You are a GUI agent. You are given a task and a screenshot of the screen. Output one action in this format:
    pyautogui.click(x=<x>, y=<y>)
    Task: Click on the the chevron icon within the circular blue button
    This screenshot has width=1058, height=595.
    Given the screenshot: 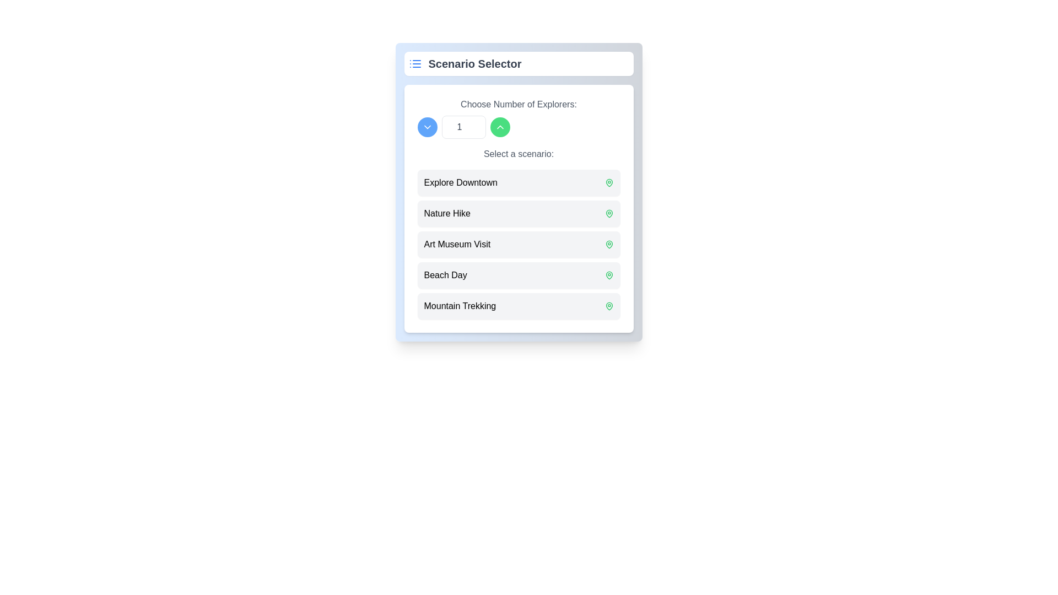 What is the action you would take?
    pyautogui.click(x=427, y=127)
    